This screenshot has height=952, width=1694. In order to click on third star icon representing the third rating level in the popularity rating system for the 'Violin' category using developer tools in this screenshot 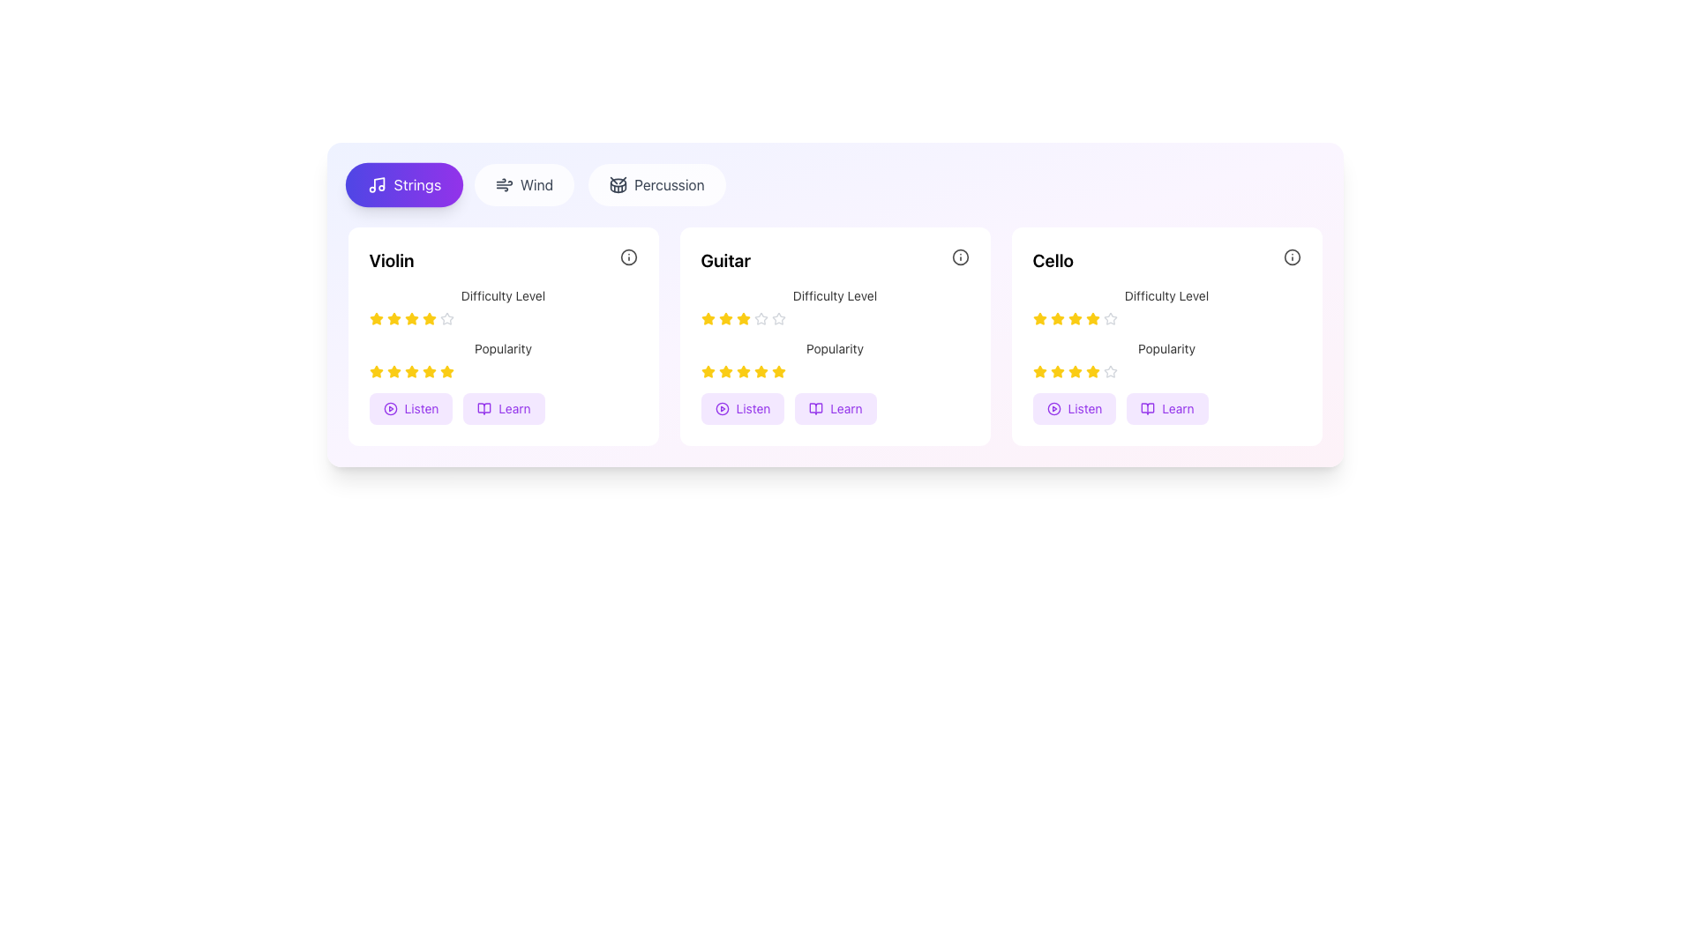, I will do `click(393, 370)`.